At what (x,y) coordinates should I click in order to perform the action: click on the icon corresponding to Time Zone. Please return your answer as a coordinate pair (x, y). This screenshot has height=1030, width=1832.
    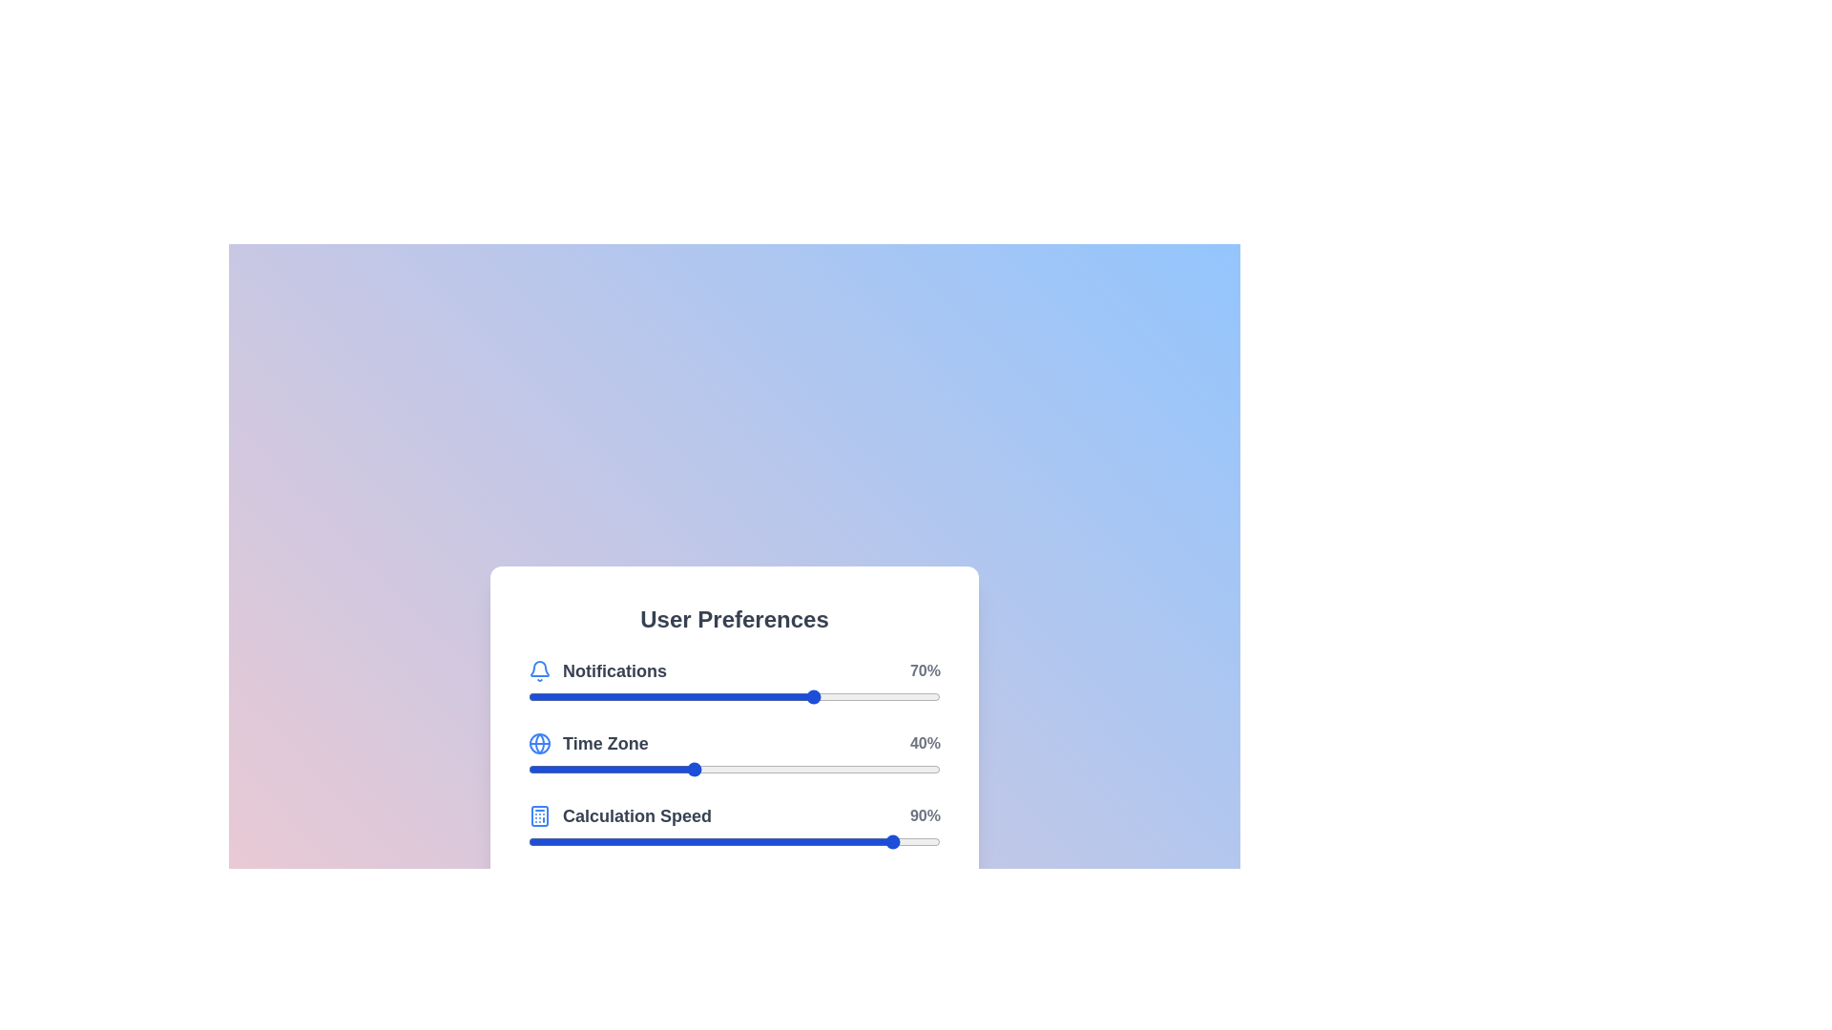
    Looking at the image, I should click on (539, 742).